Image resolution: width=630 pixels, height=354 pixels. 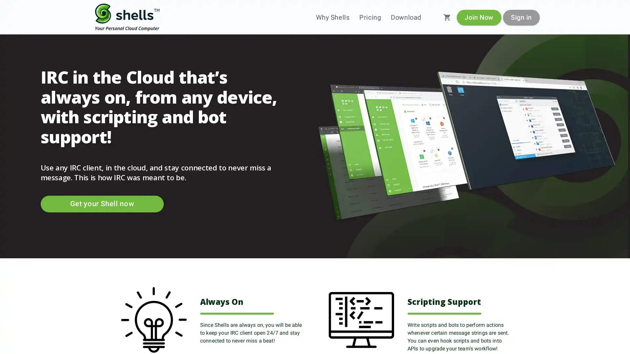 What do you see at coordinates (479, 17) in the screenshot?
I see `Join Now` at bounding box center [479, 17].